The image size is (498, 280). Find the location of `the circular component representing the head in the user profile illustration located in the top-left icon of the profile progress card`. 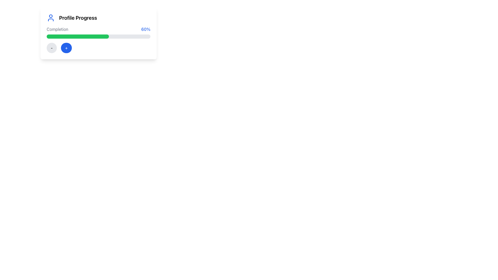

the circular component representing the head in the user profile illustration located in the top-left icon of the profile progress card is located at coordinates (51, 16).